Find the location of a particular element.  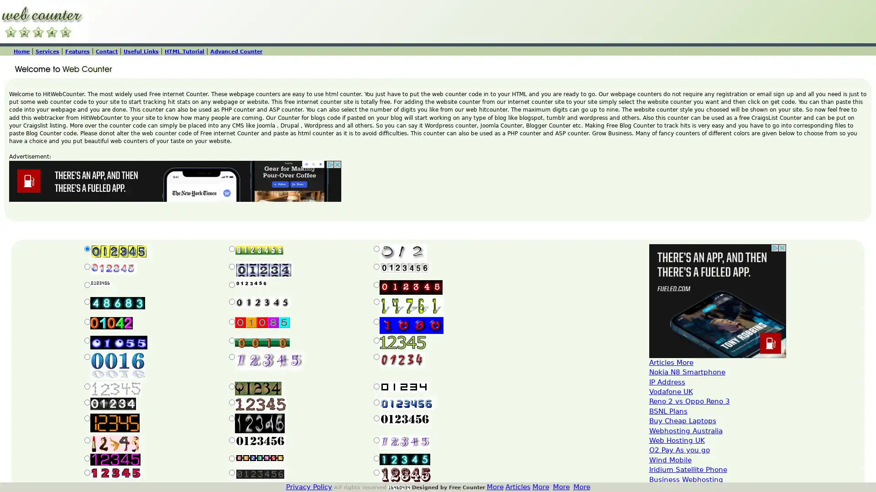

Submit is located at coordinates (115, 460).